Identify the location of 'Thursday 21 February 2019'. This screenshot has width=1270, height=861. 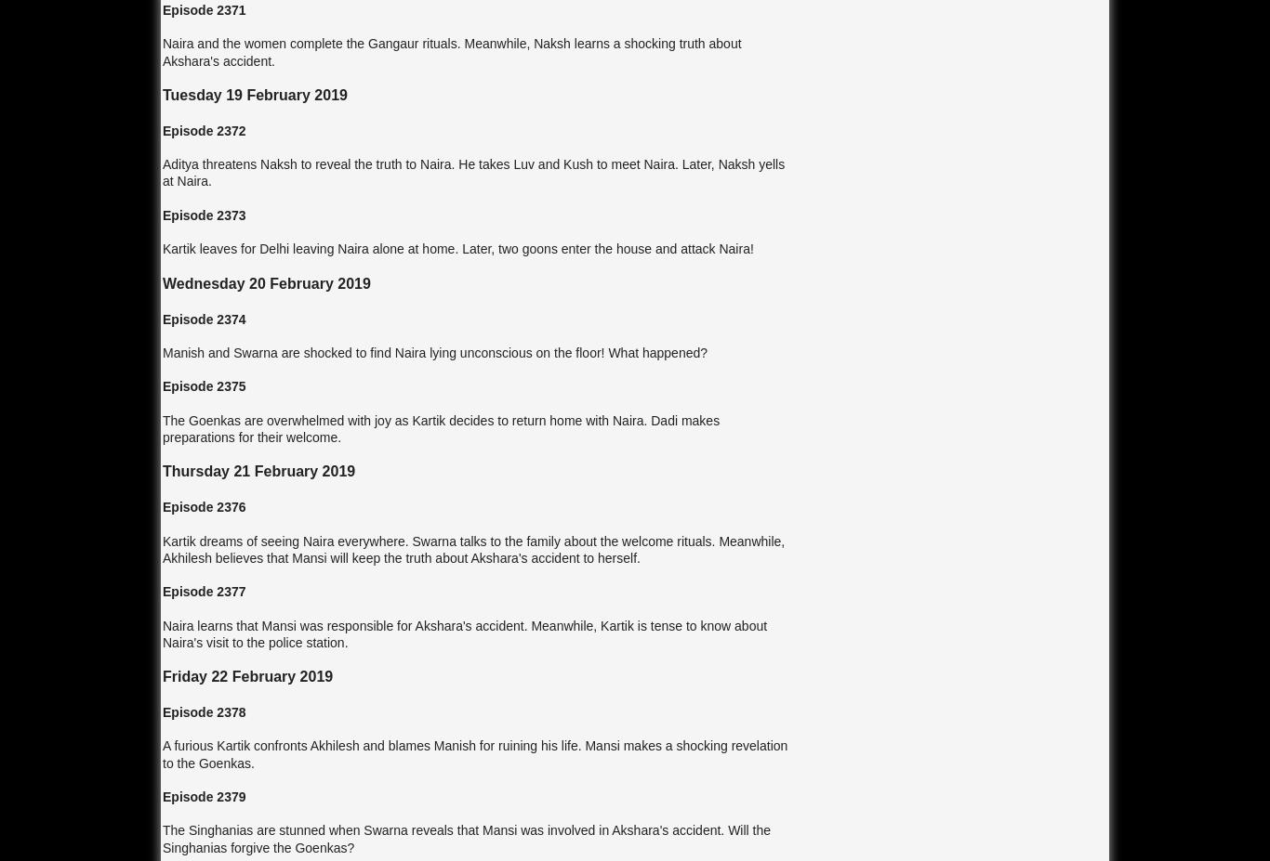
(258, 471).